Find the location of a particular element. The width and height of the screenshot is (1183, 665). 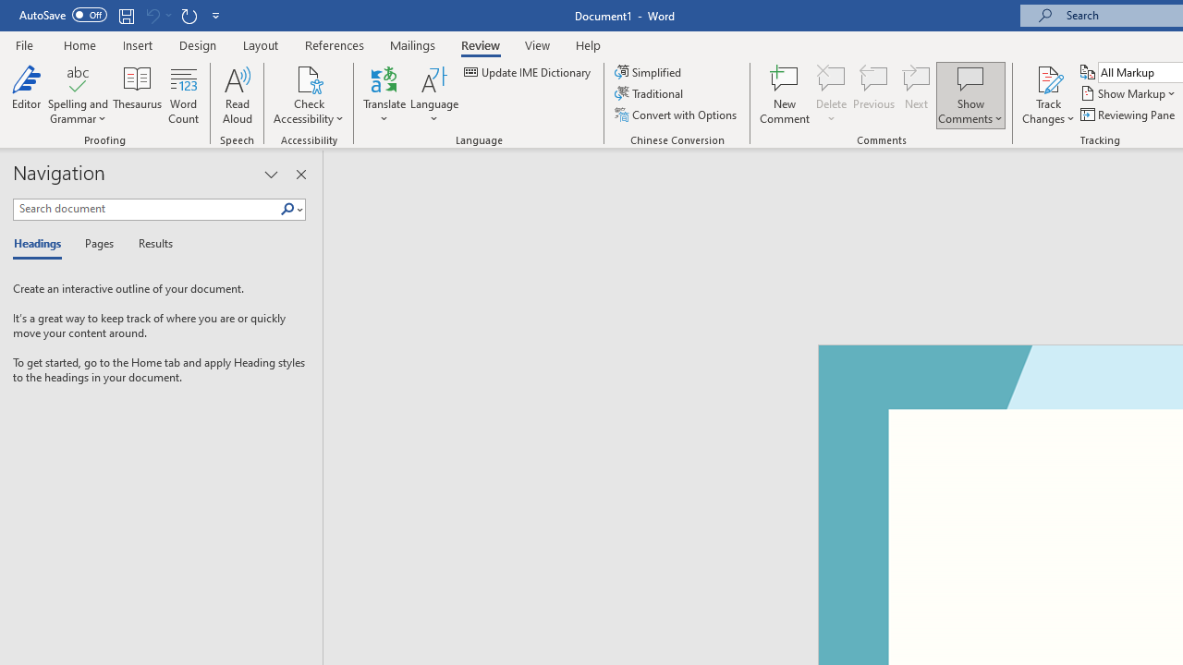

'Show Comments' is located at coordinates (970, 78).